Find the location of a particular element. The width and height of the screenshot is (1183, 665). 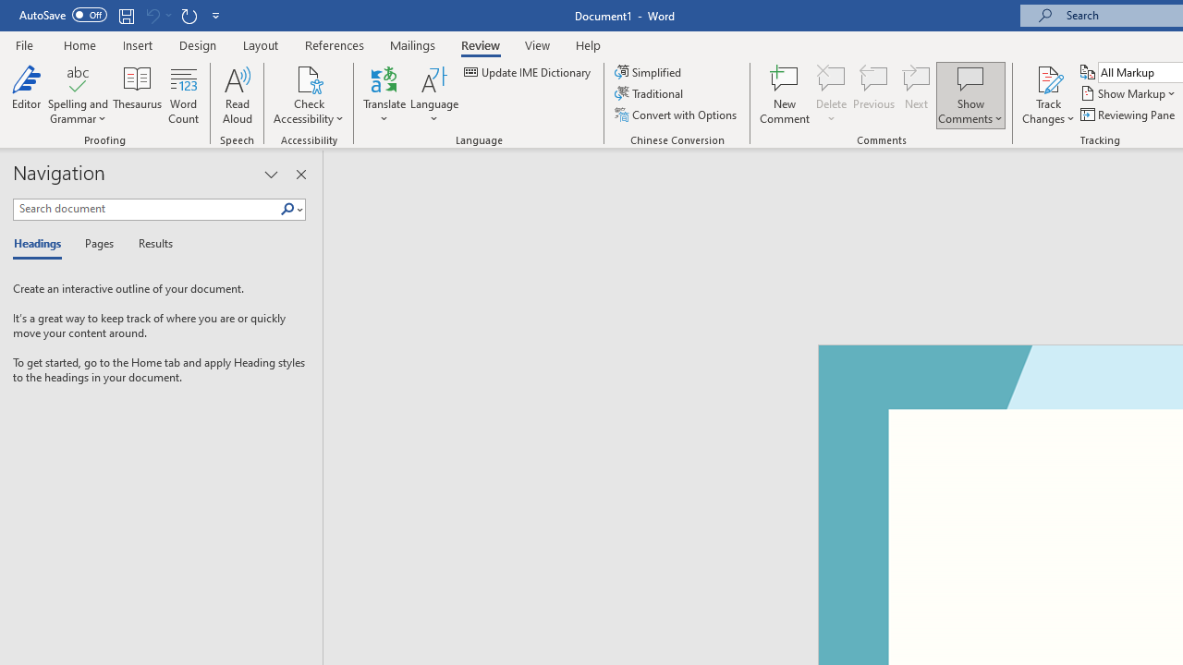

'Show Comments' is located at coordinates (970, 78).